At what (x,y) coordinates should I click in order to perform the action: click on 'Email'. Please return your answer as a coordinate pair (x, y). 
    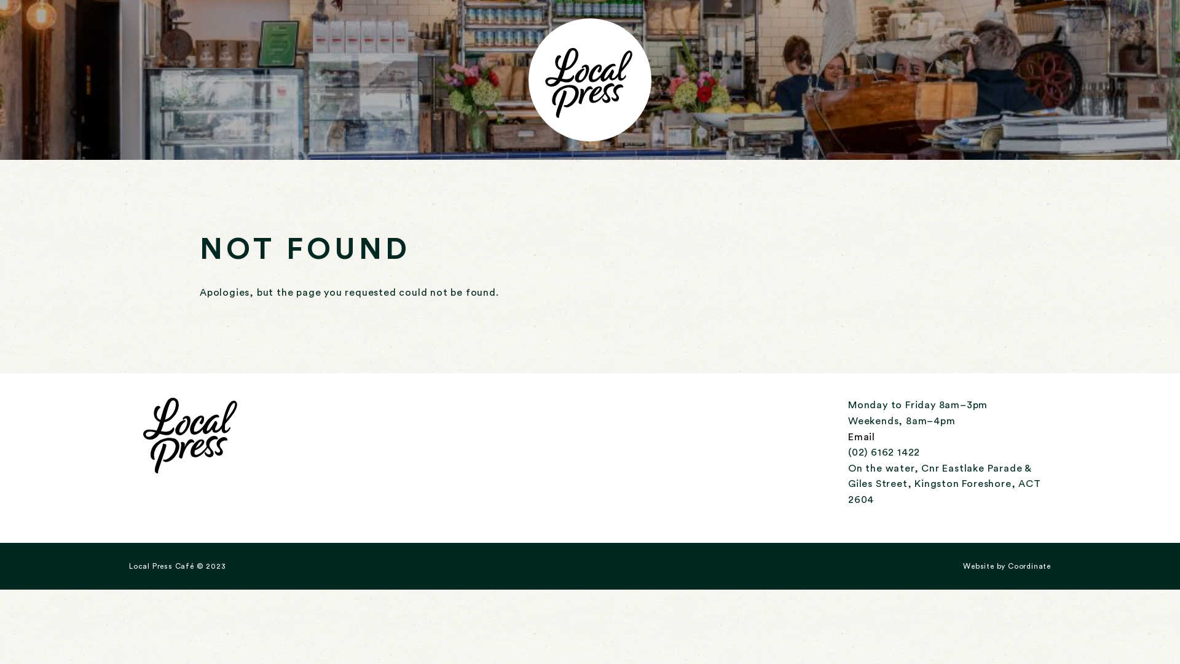
    Looking at the image, I should click on (860, 436).